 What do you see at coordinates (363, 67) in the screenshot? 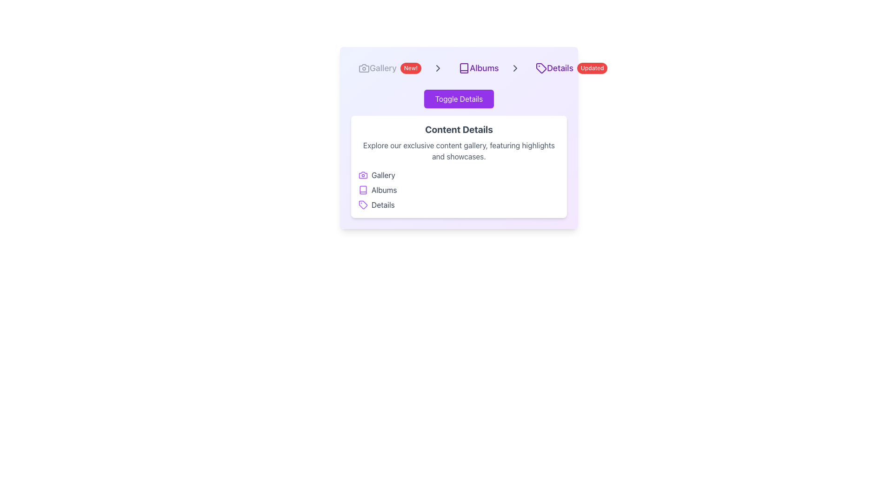
I see `the stylized camera icon, which is a modern SVG image located near the top left of the interface, next to the 'Gallery' breadcrumb` at bounding box center [363, 67].